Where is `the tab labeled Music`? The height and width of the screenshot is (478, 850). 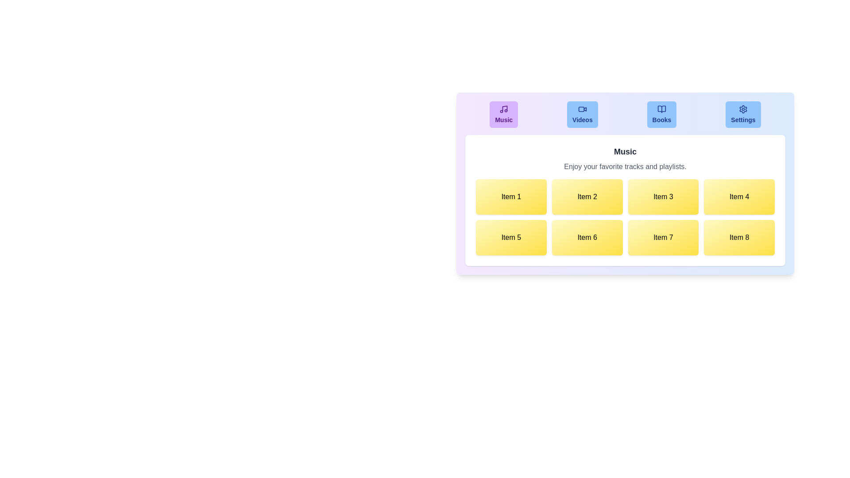
the tab labeled Music is located at coordinates (504, 114).